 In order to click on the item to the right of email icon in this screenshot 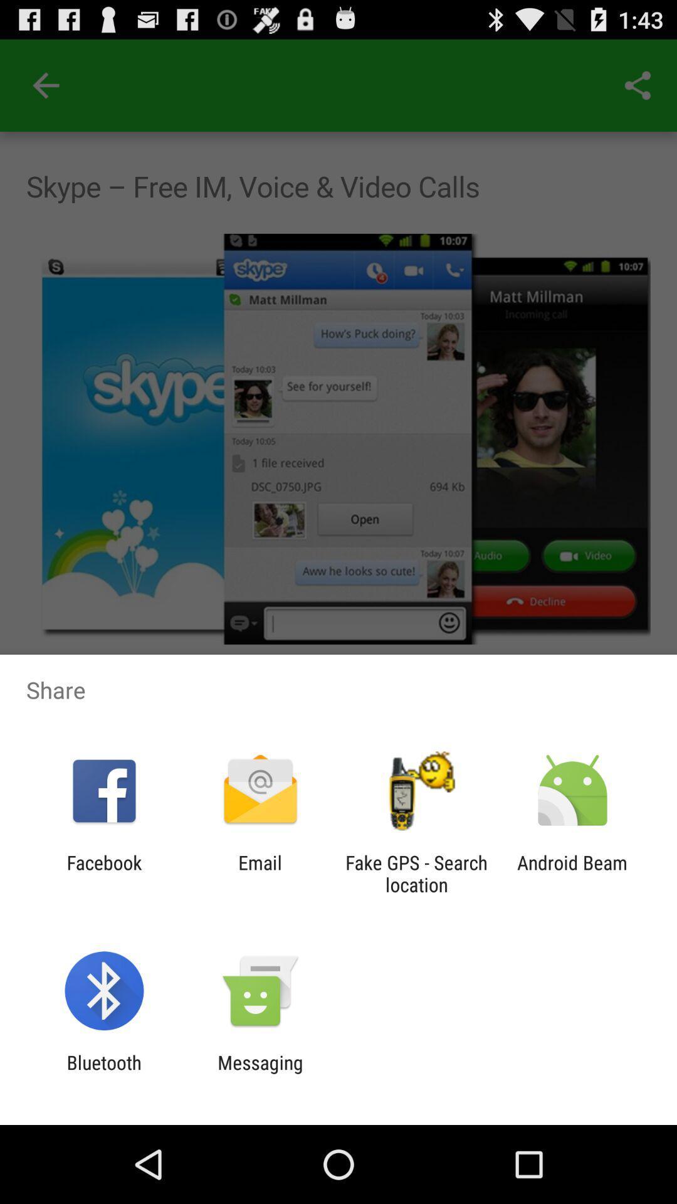, I will do `click(416, 873)`.